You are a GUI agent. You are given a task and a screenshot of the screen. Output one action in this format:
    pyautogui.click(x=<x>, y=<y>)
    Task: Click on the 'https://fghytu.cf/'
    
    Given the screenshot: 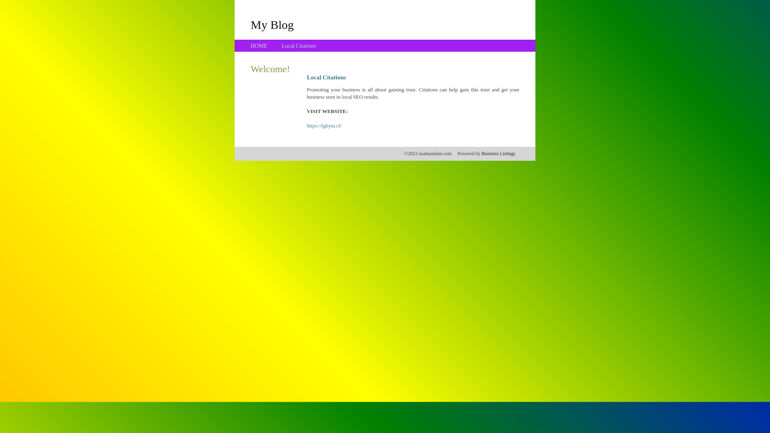 What is the action you would take?
    pyautogui.click(x=324, y=125)
    